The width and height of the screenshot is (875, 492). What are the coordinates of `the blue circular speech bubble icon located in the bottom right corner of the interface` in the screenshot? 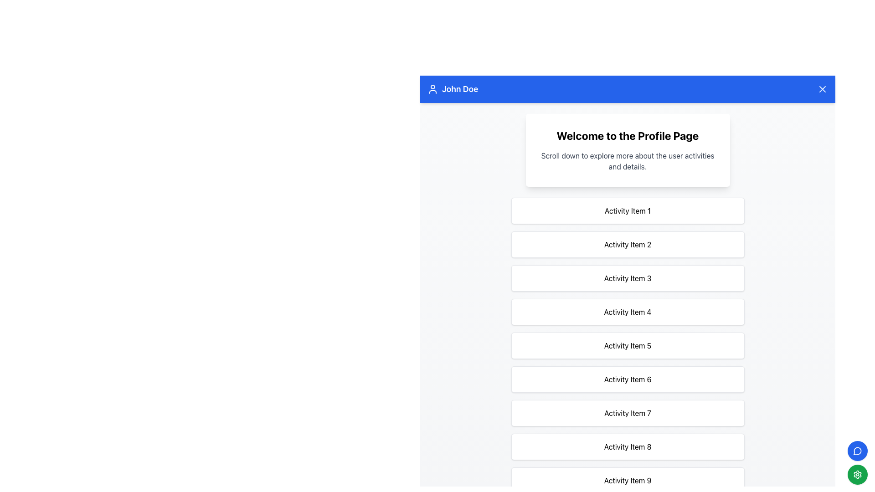 It's located at (857, 451).